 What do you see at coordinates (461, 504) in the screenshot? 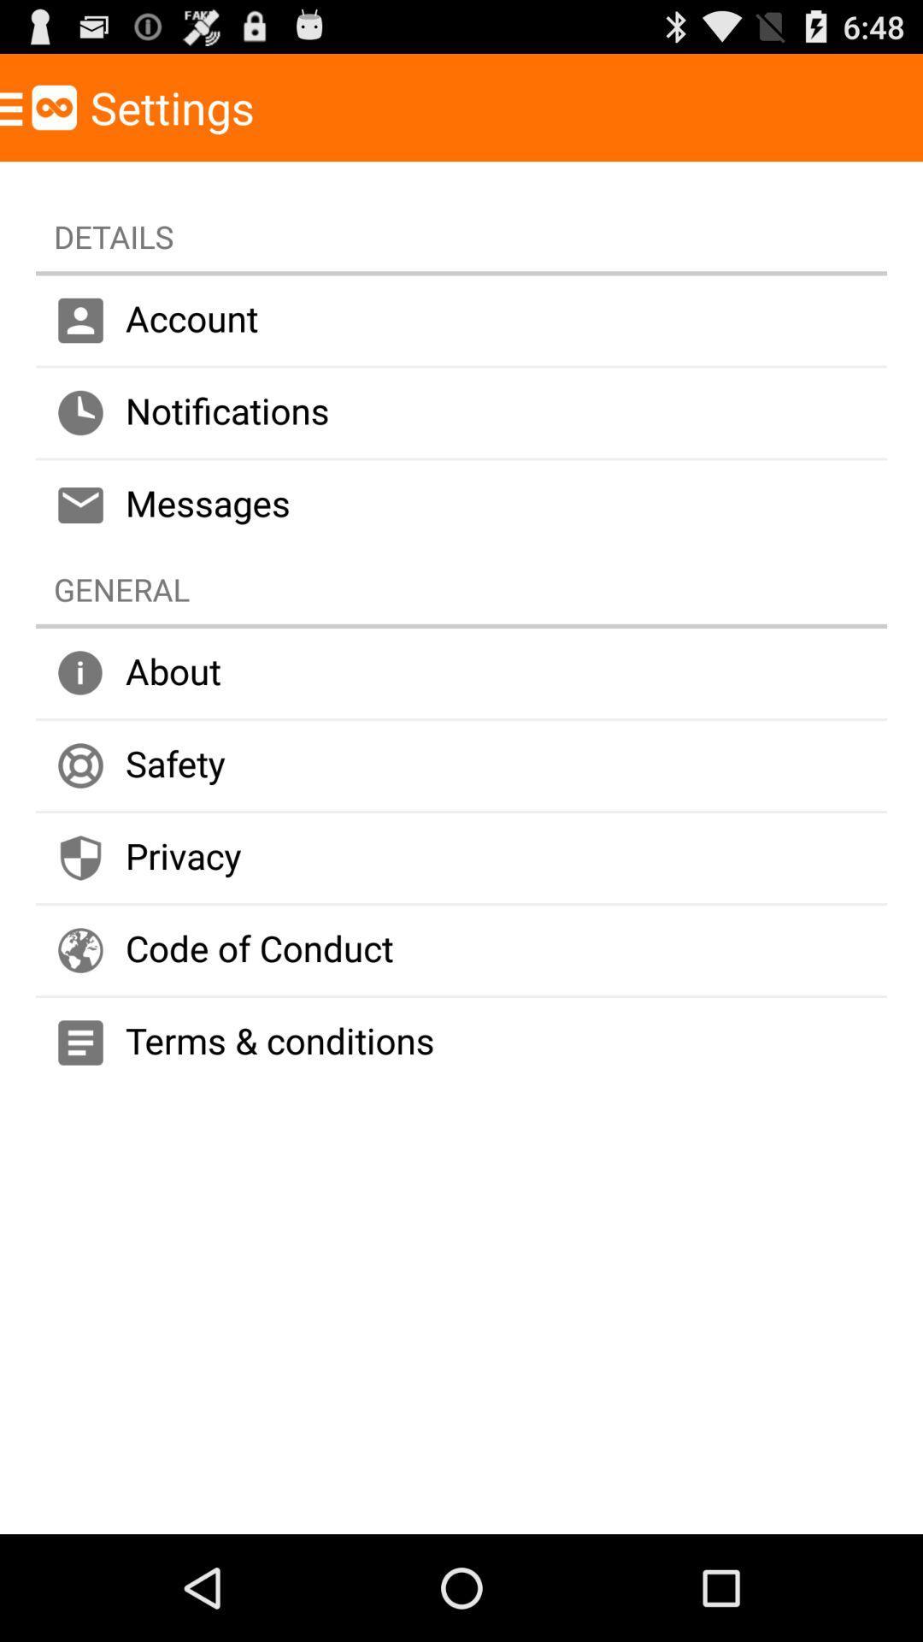
I see `icon above the general icon` at bounding box center [461, 504].